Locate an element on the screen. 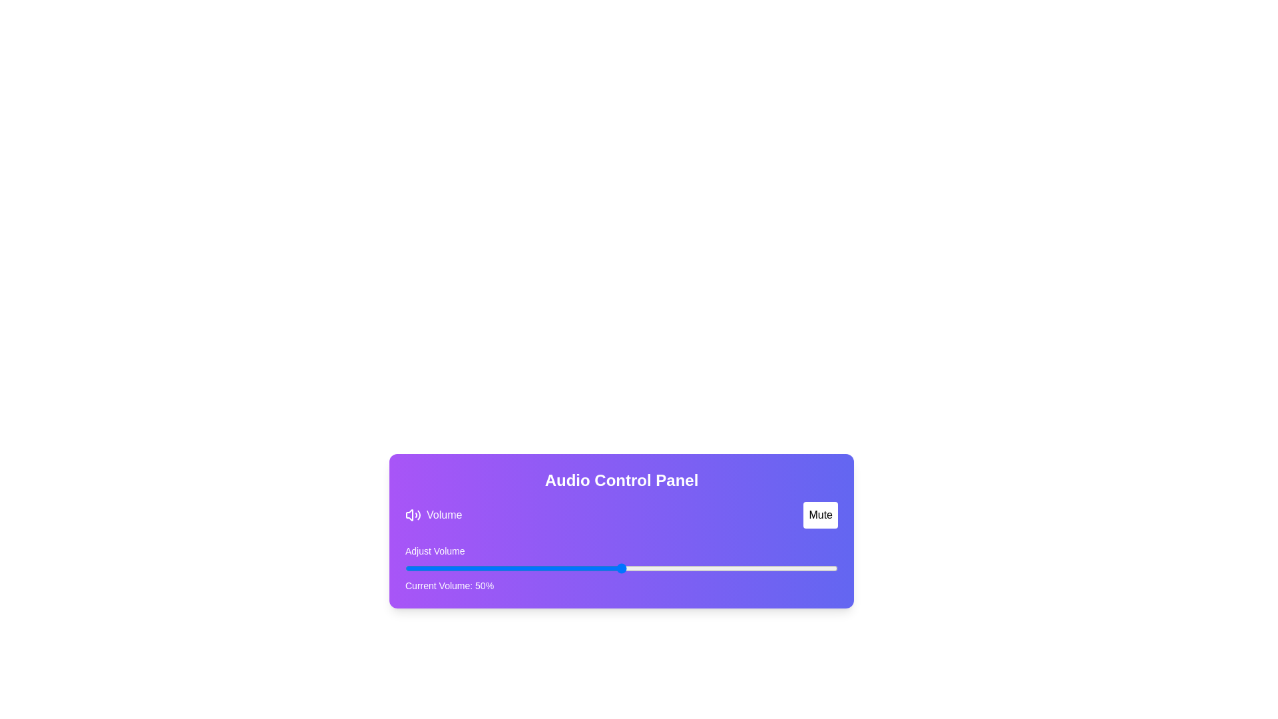 Image resolution: width=1278 pixels, height=719 pixels. the volume slider bar to set the volume level, which is labeled 'Adjust Volume' and has a current indicator showing 'Current Volume: 50%' is located at coordinates (621, 568).